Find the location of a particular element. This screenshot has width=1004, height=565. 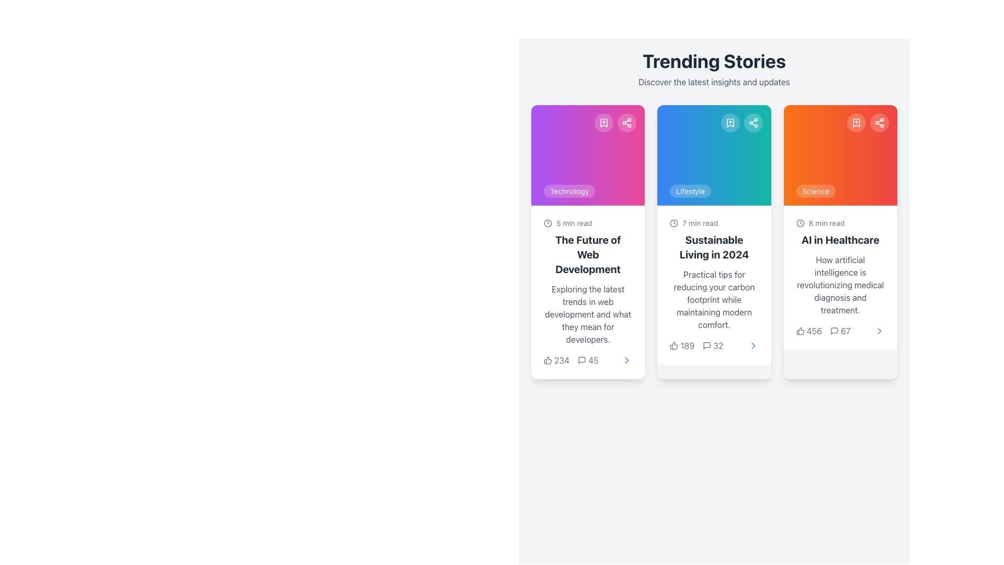

the static text displaying 'Discover the latest insights and updates', positioned underneath the heading 'Trending Stories' is located at coordinates (714, 82).